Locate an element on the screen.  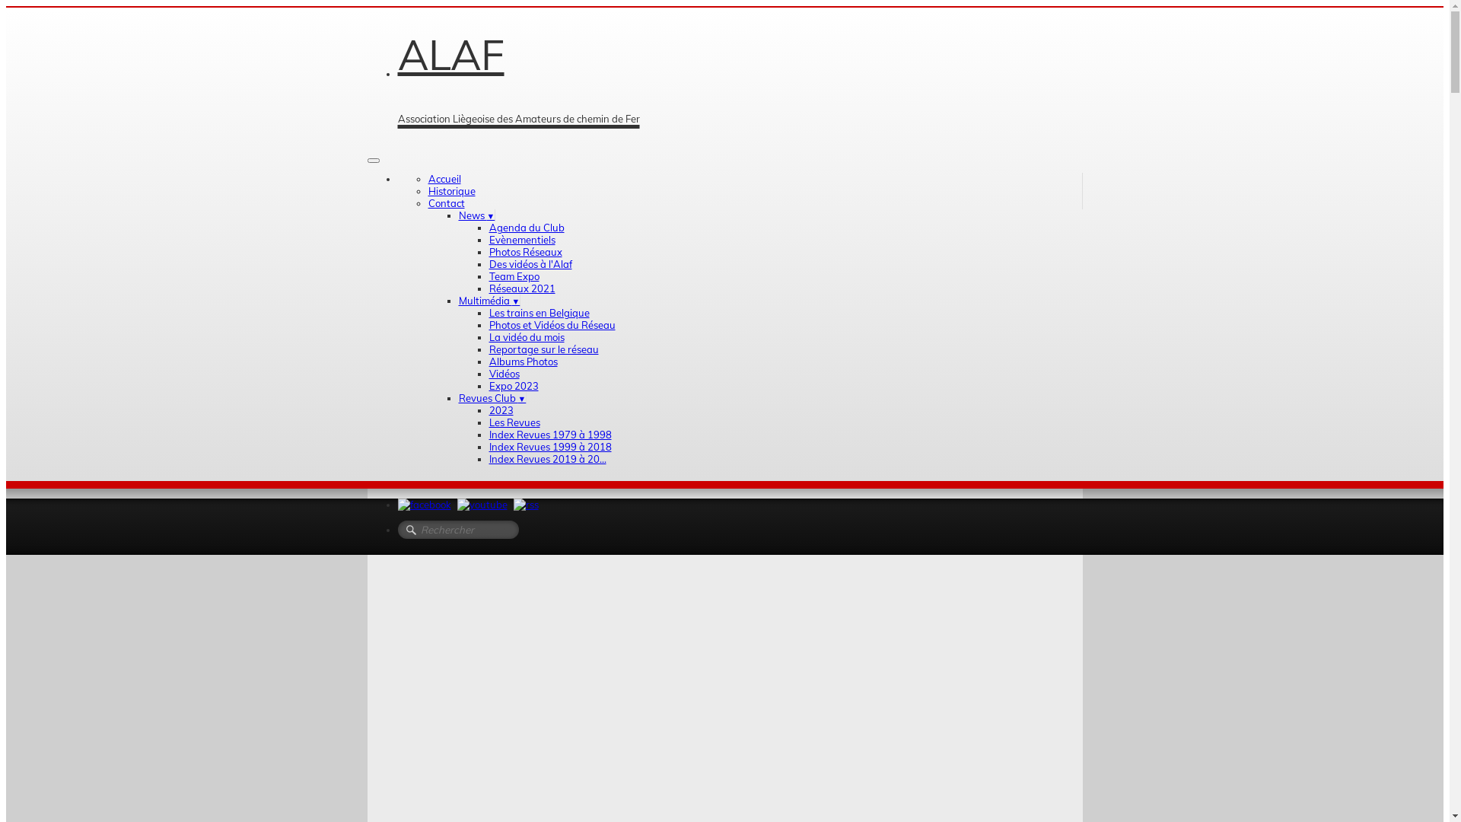
'Albums Photos' is located at coordinates (522, 361).